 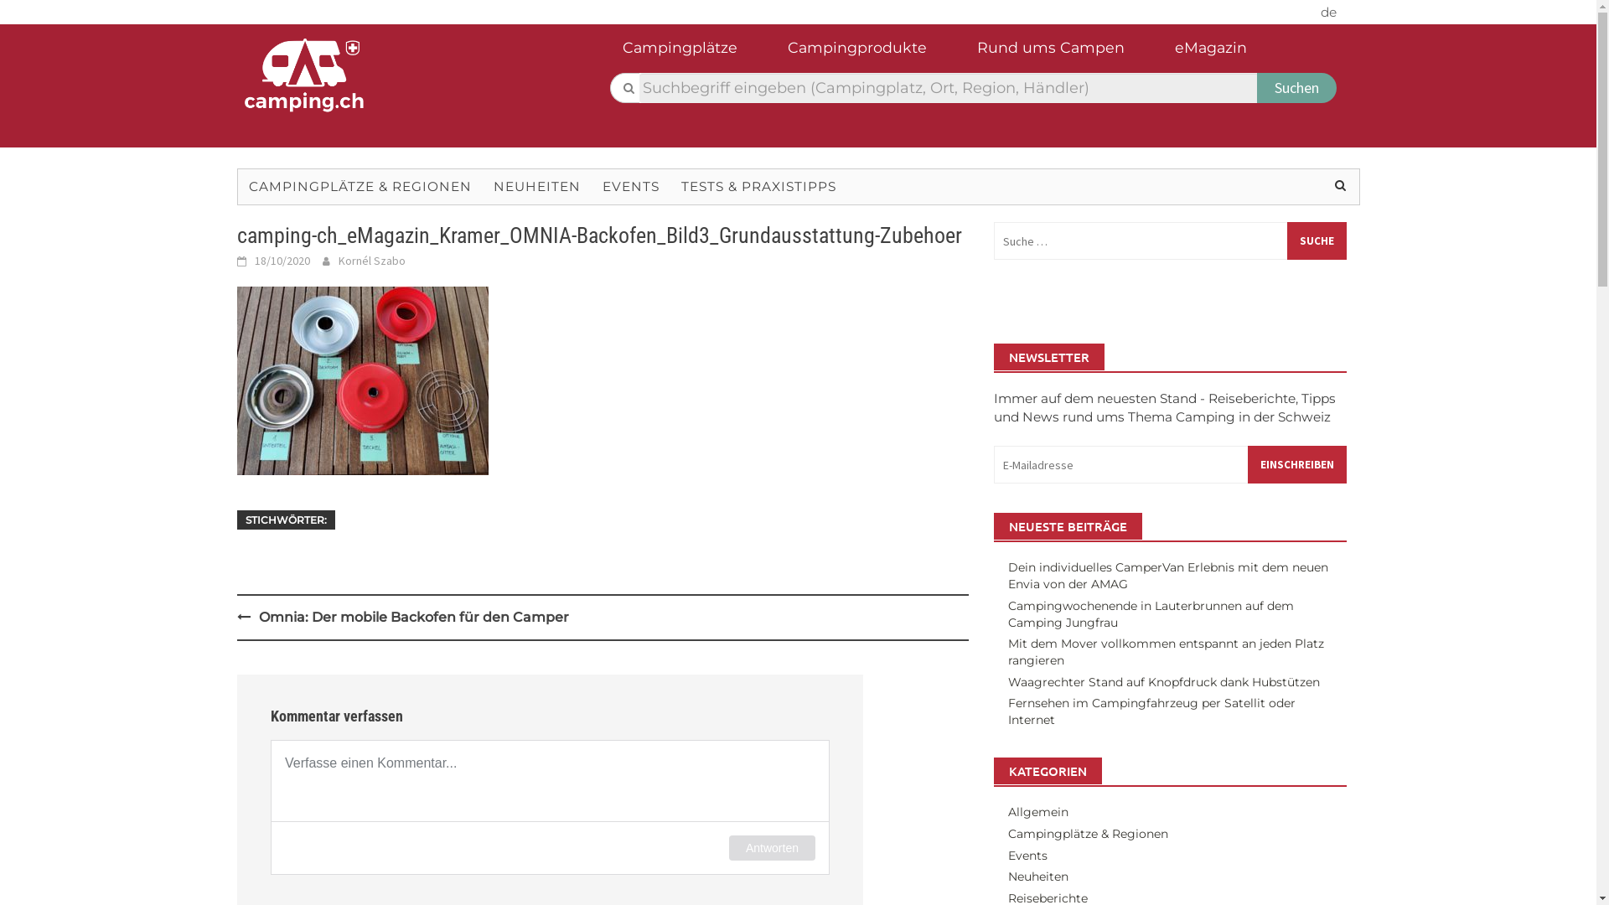 What do you see at coordinates (1296, 464) in the screenshot?
I see `'Einschreiben'` at bounding box center [1296, 464].